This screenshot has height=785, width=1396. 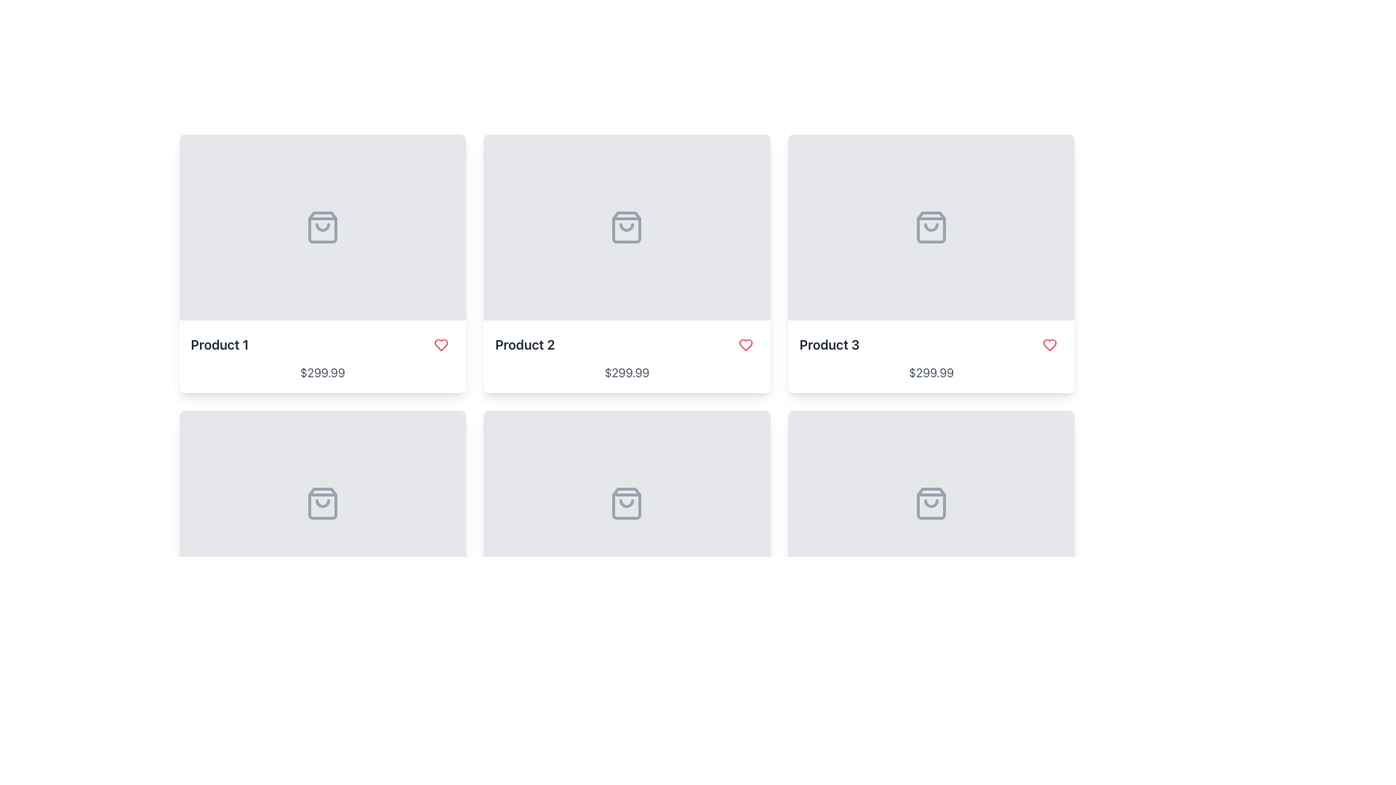 I want to click on the image or illustrative placeholder located in the top-left card labeled 'Product 1' with a price of '$299.99', so click(x=321, y=227).